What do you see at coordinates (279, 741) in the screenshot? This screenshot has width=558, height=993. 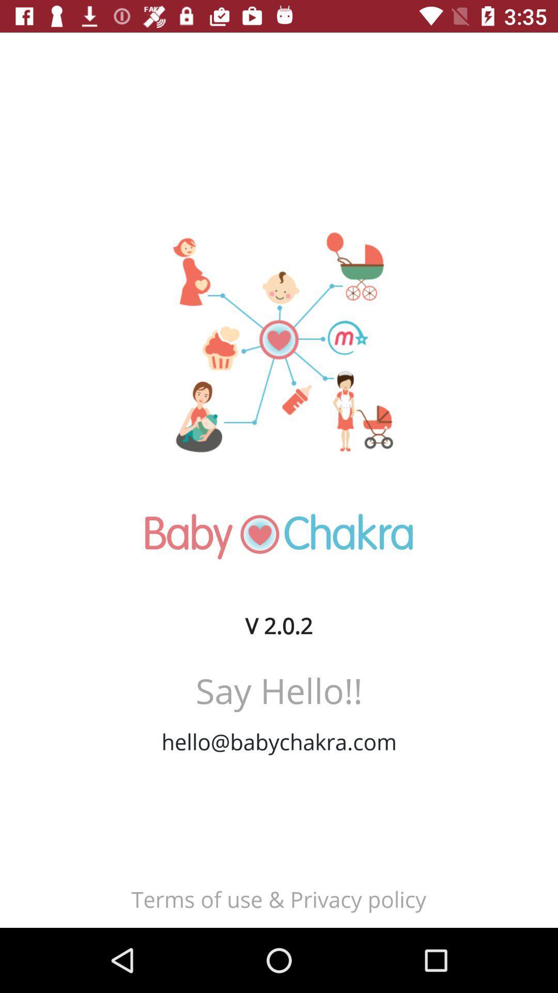 I see `the icon below say hello!! icon` at bounding box center [279, 741].